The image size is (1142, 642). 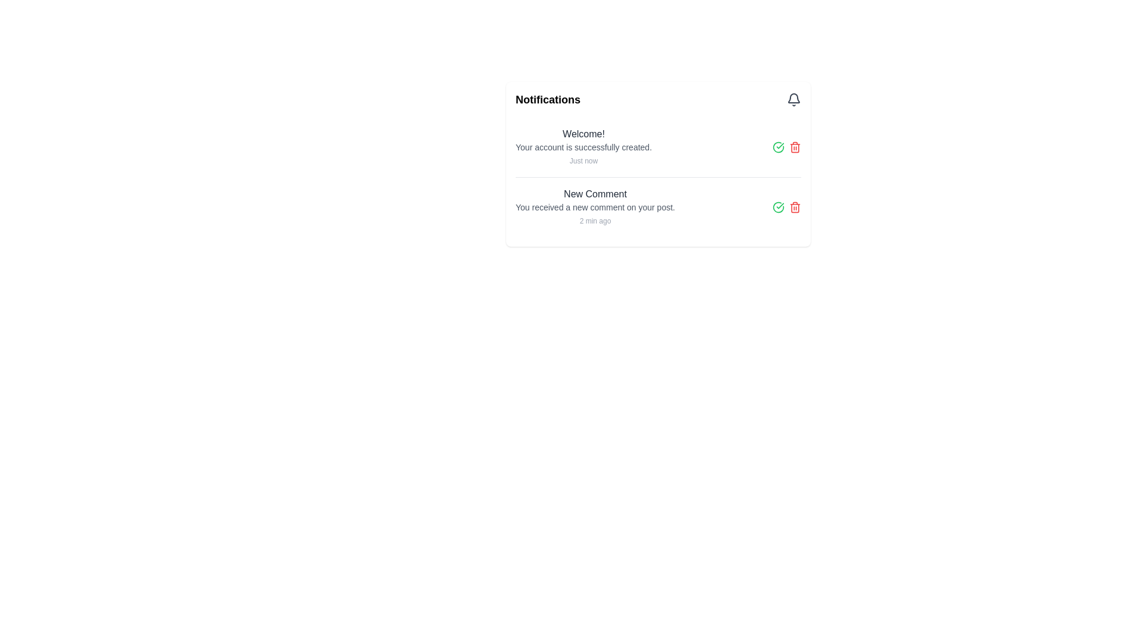 What do you see at coordinates (779, 206) in the screenshot?
I see `the confirmation button located to the right of the 'New Comment' notification text` at bounding box center [779, 206].